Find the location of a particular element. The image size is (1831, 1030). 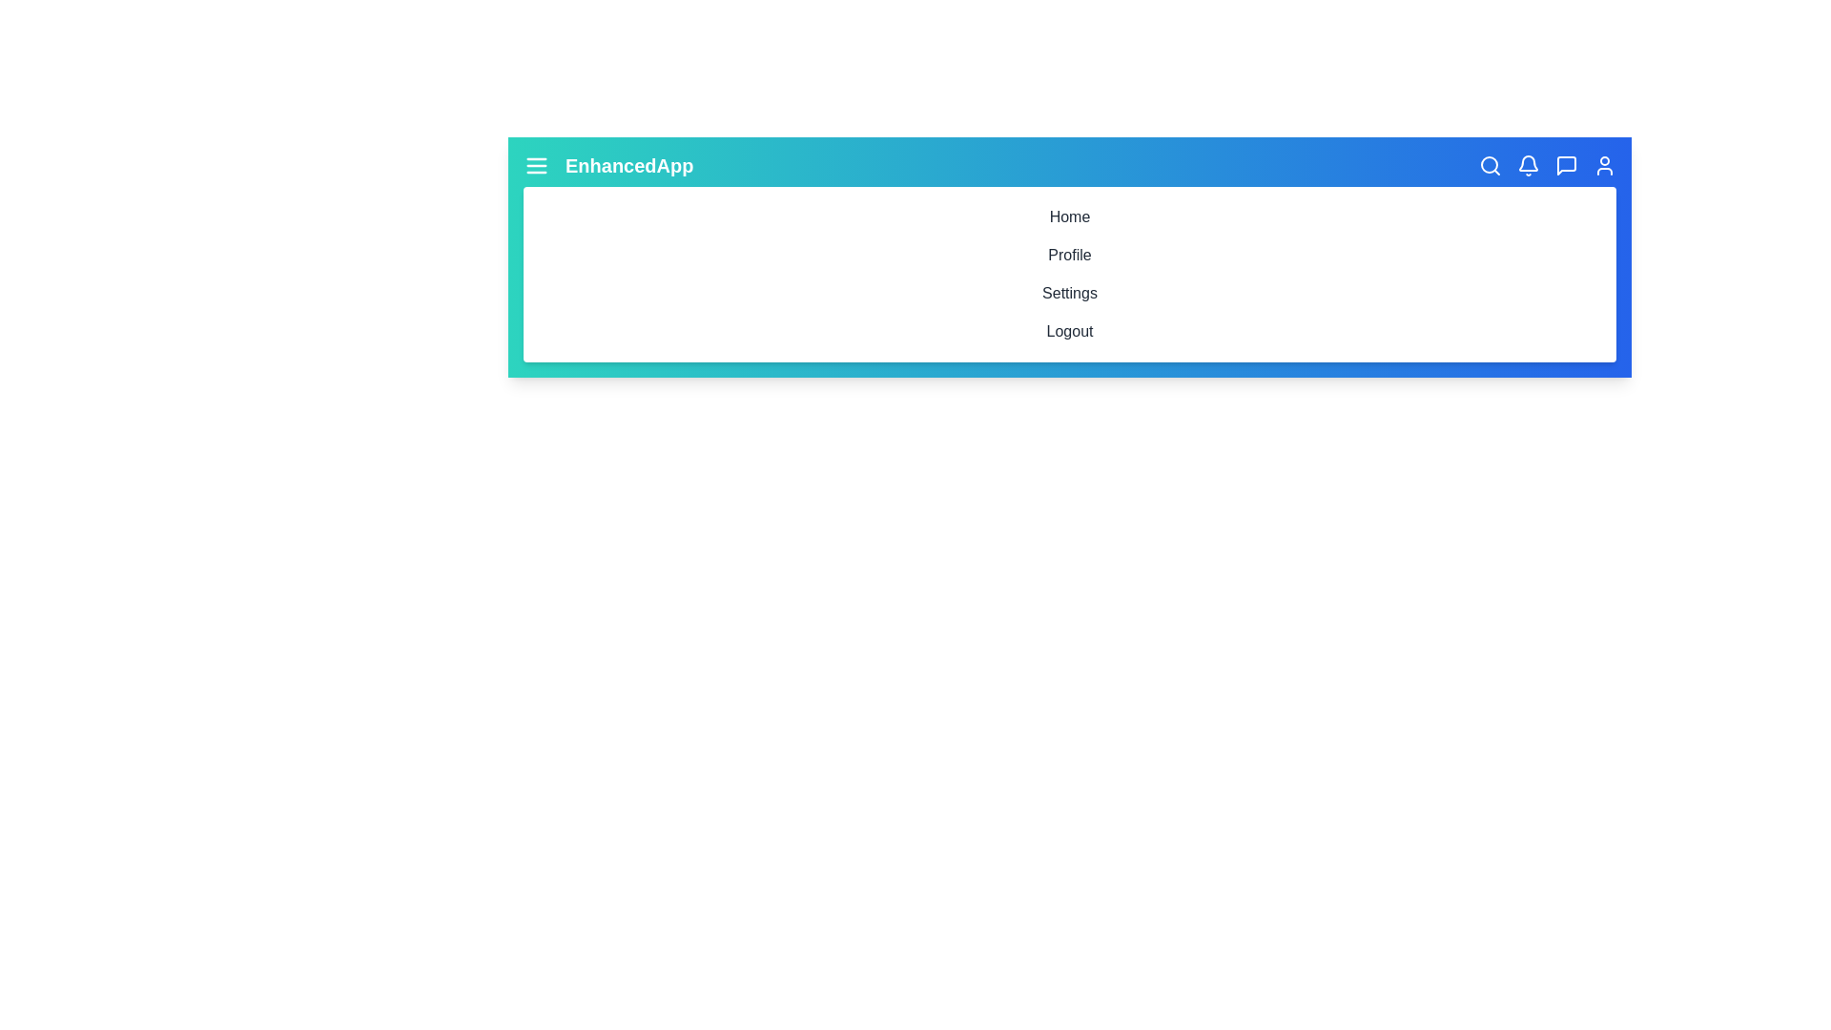

the Profile icon in the toolbar is located at coordinates (1604, 164).